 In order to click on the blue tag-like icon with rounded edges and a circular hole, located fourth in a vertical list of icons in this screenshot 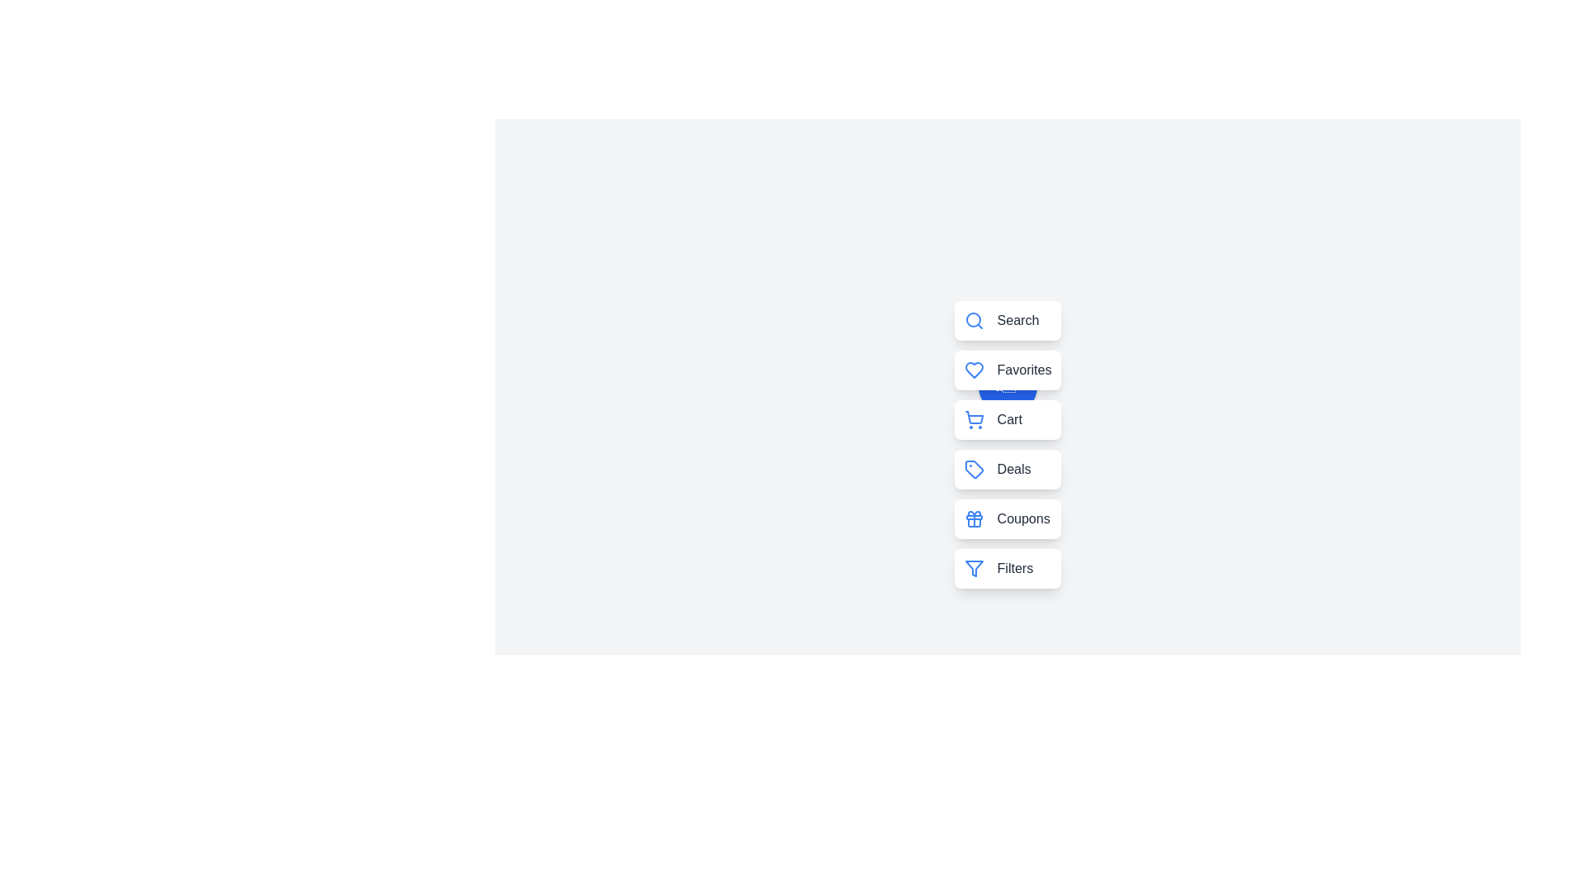, I will do `click(974, 469)`.